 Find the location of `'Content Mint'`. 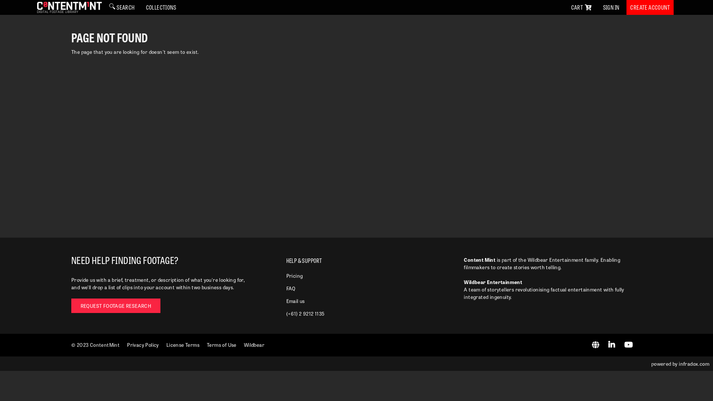

'Content Mint' is located at coordinates (69, 7).